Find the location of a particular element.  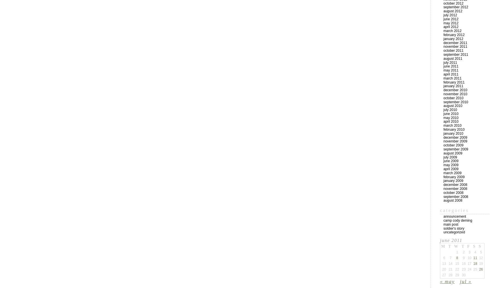

'8' is located at coordinates (457, 257).